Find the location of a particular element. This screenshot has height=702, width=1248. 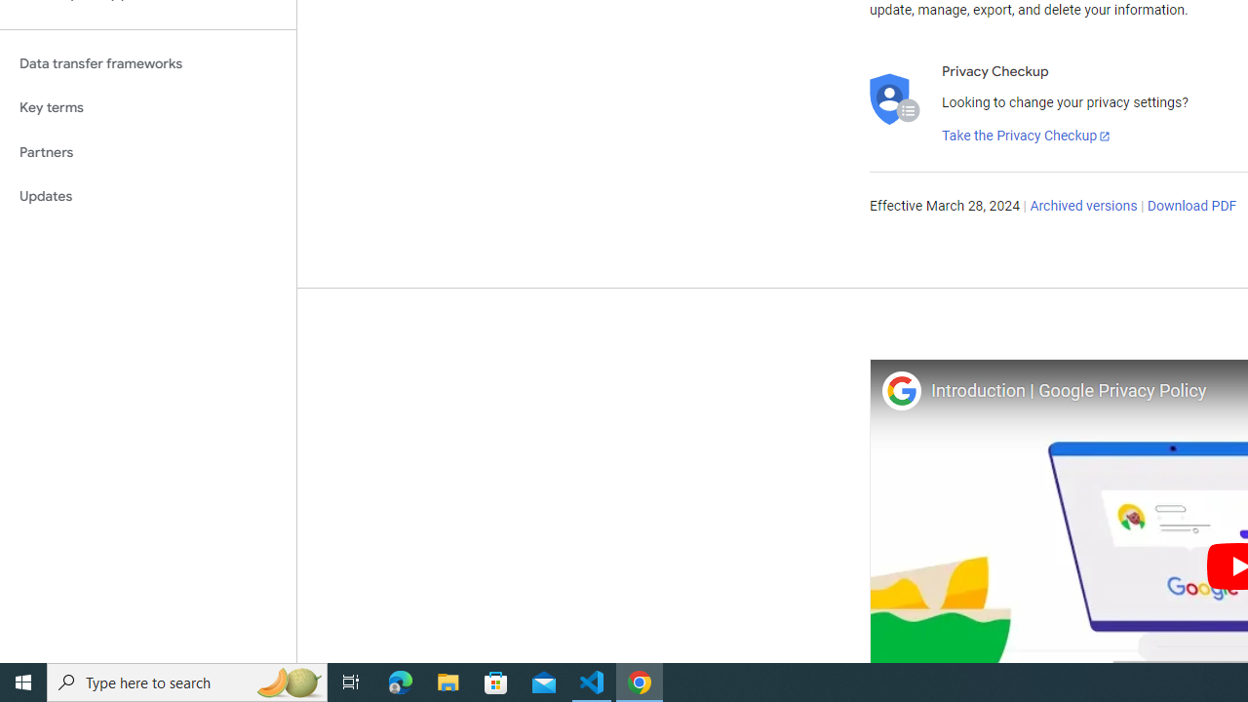

'Take the Privacy Checkup' is located at coordinates (1026, 136).